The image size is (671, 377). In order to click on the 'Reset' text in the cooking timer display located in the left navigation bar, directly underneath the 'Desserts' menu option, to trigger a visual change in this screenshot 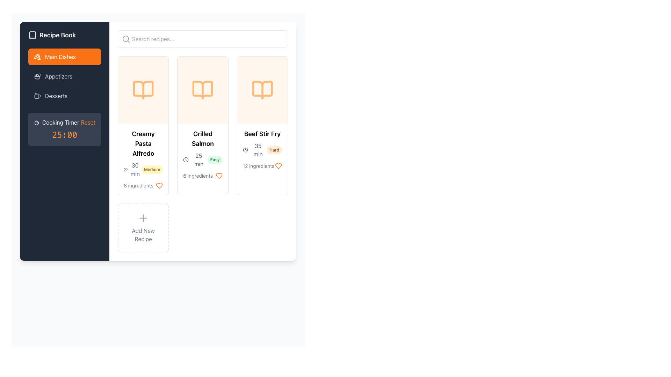, I will do `click(65, 129)`.